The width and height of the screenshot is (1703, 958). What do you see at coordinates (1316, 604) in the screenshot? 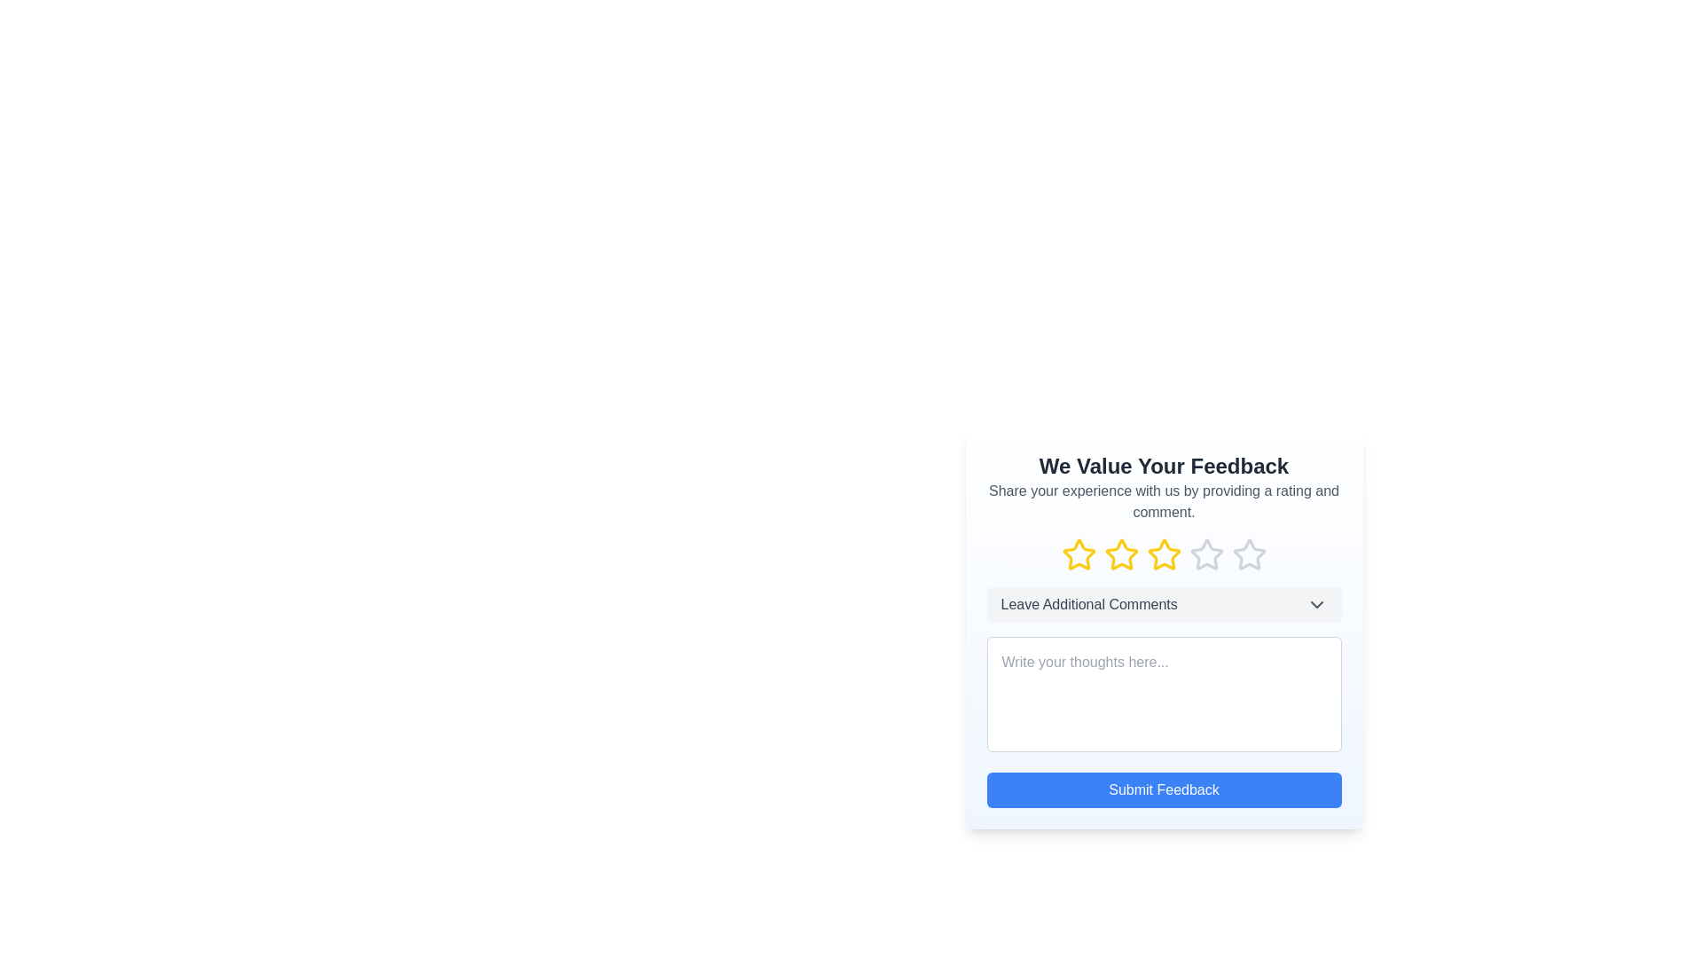
I see `the downward arrow icon styled in gray, which signifies a dropdown or expandable option, located` at bounding box center [1316, 604].